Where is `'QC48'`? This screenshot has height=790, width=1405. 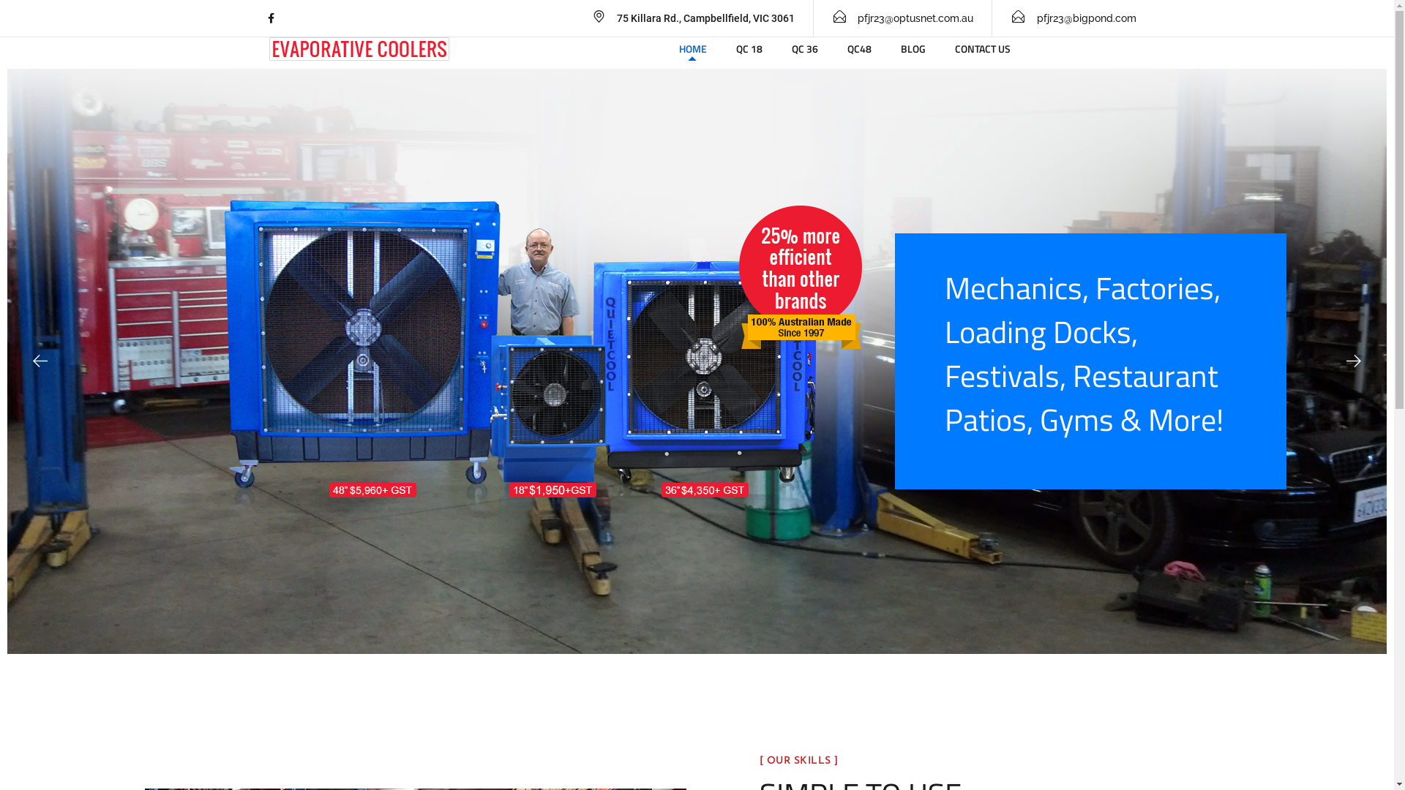
'QC48' is located at coordinates (859, 48).